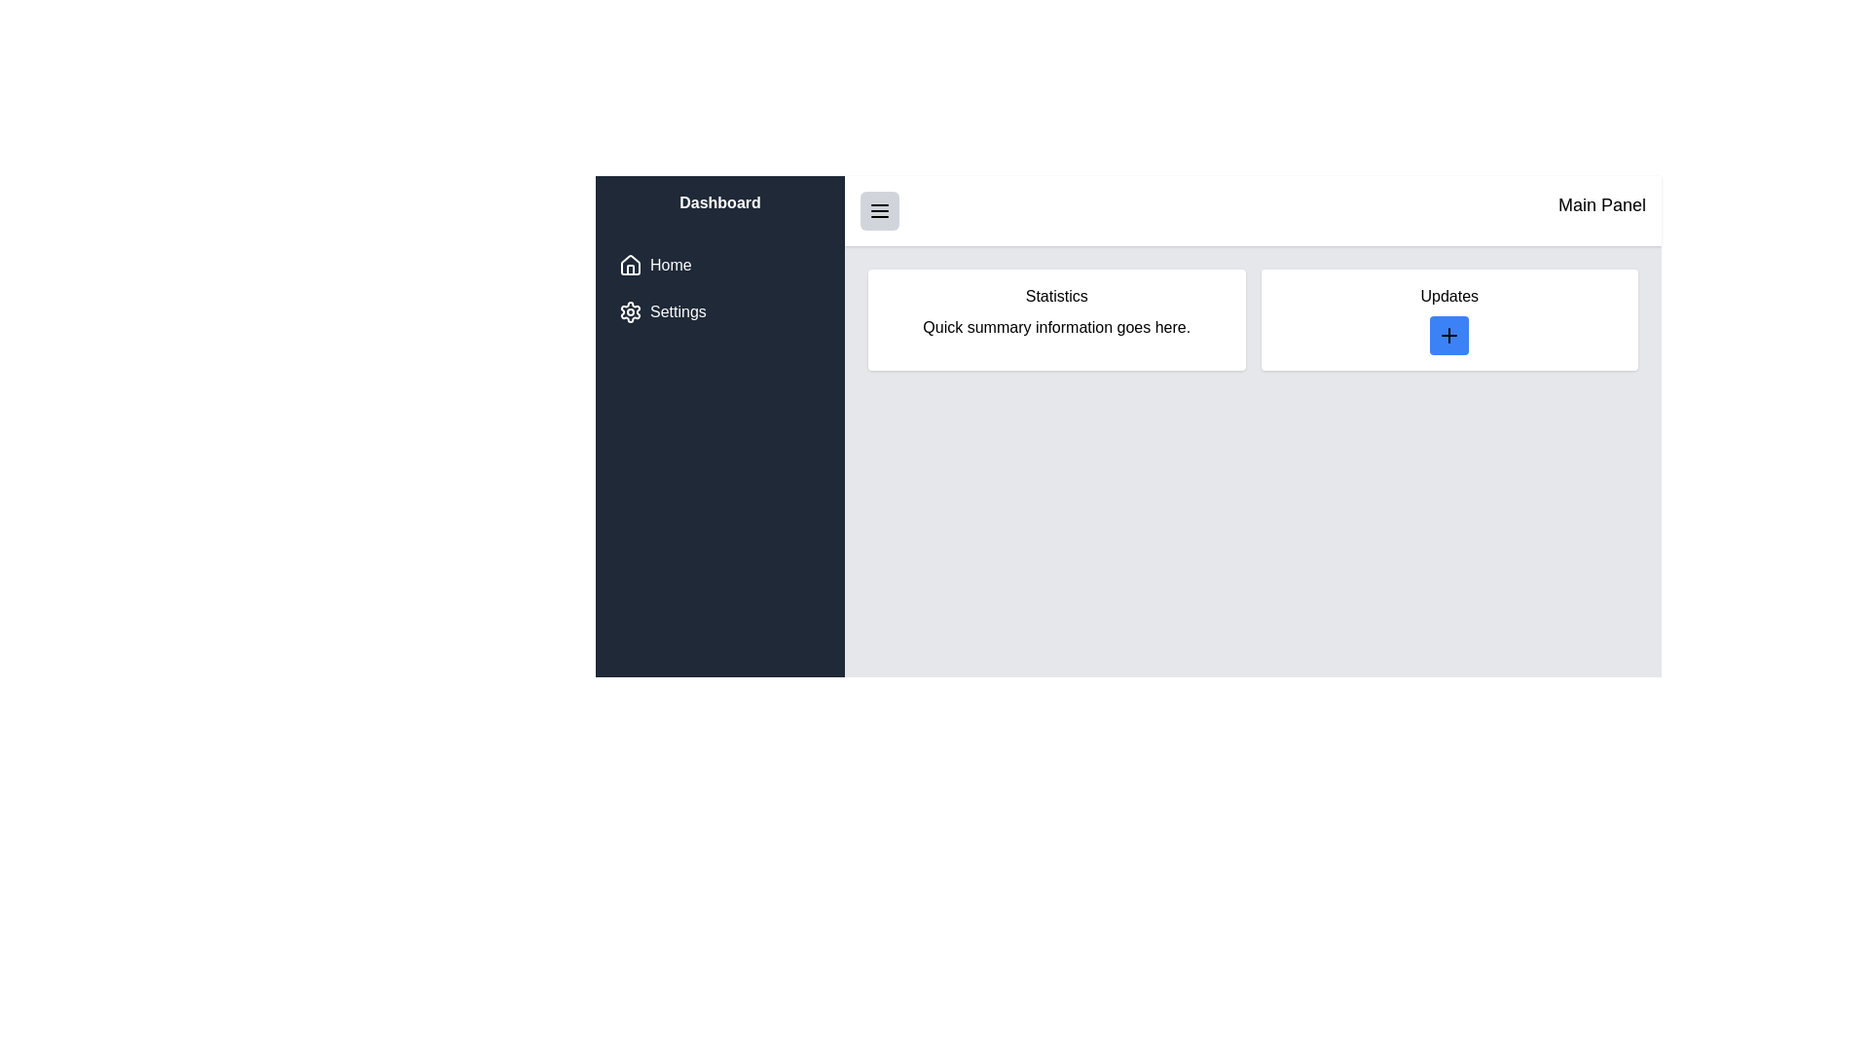  What do you see at coordinates (671, 266) in the screenshot?
I see `the 'Home' text label in the left sidebar` at bounding box center [671, 266].